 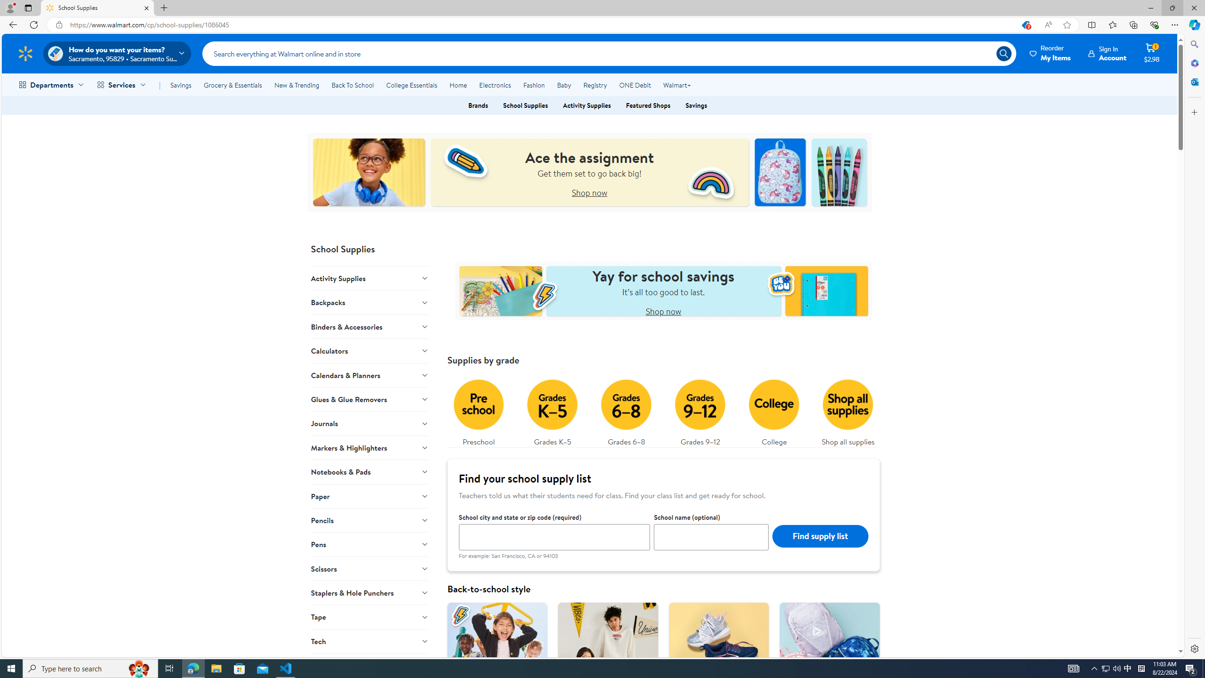 What do you see at coordinates (594, 85) in the screenshot?
I see `'Registry'` at bounding box center [594, 85].